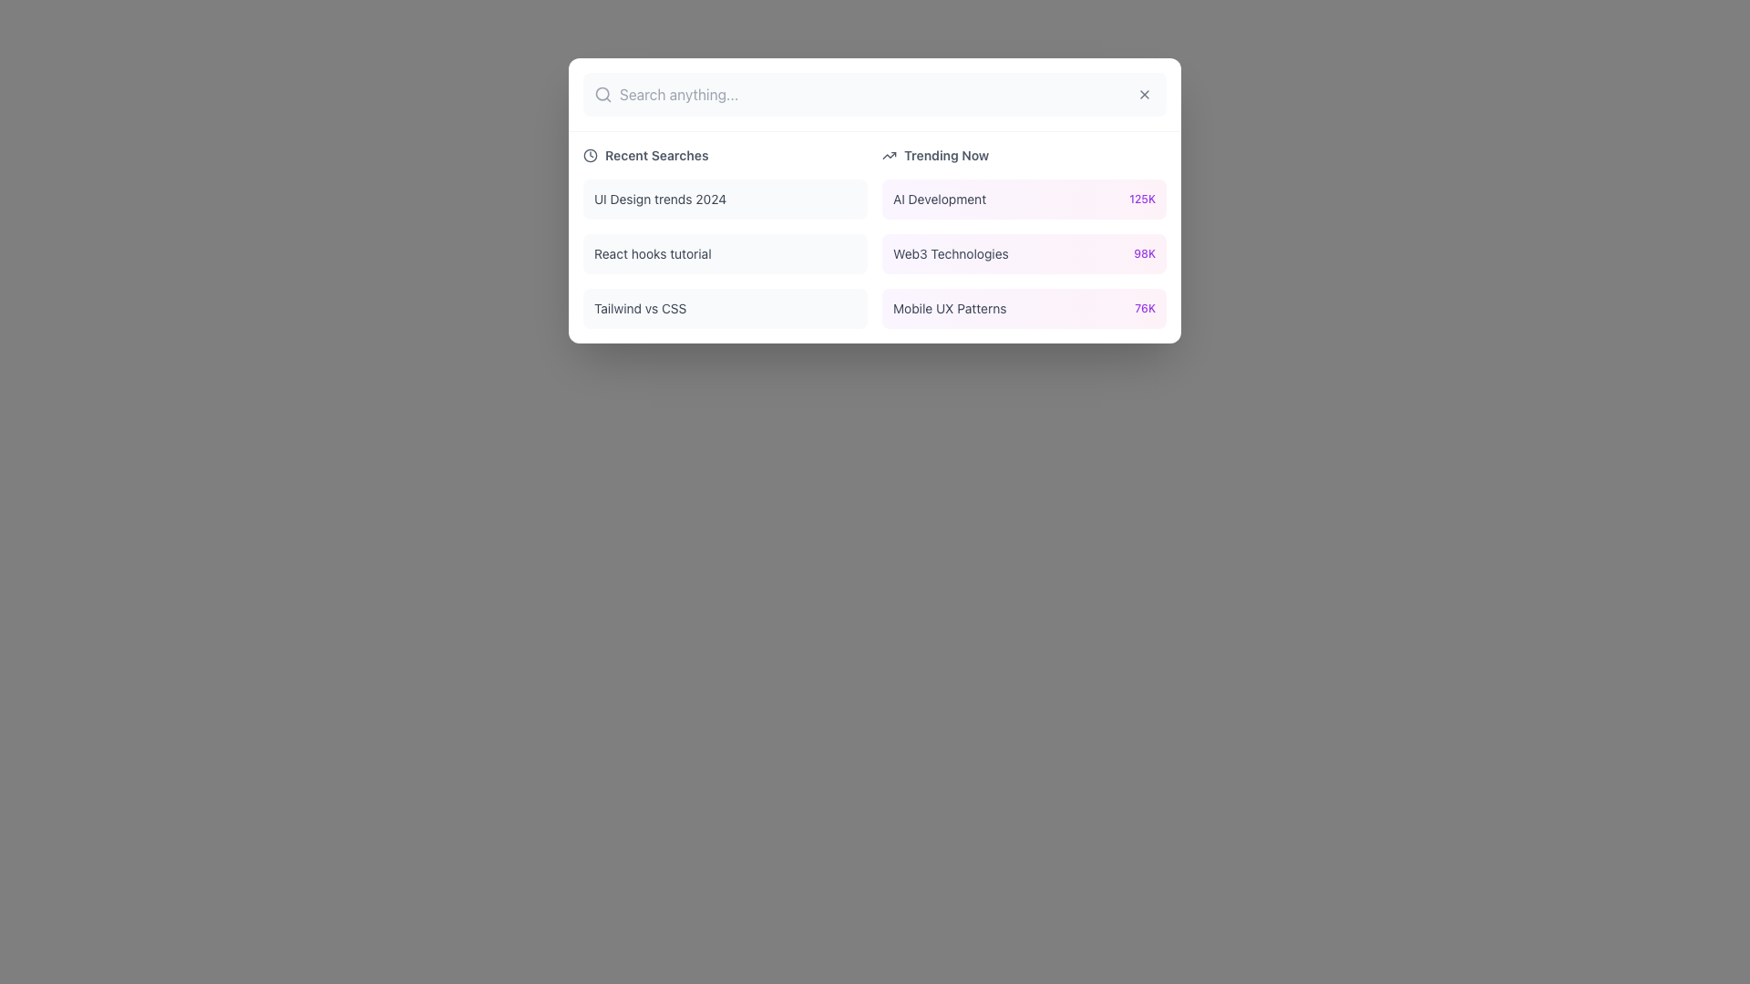 The height and width of the screenshot is (984, 1750). What do you see at coordinates (591, 154) in the screenshot?
I see `the graphical icon indicating 'Recent Searches', which is visually associated with time or history, located to the left of the label text 'Recent Searches'` at bounding box center [591, 154].